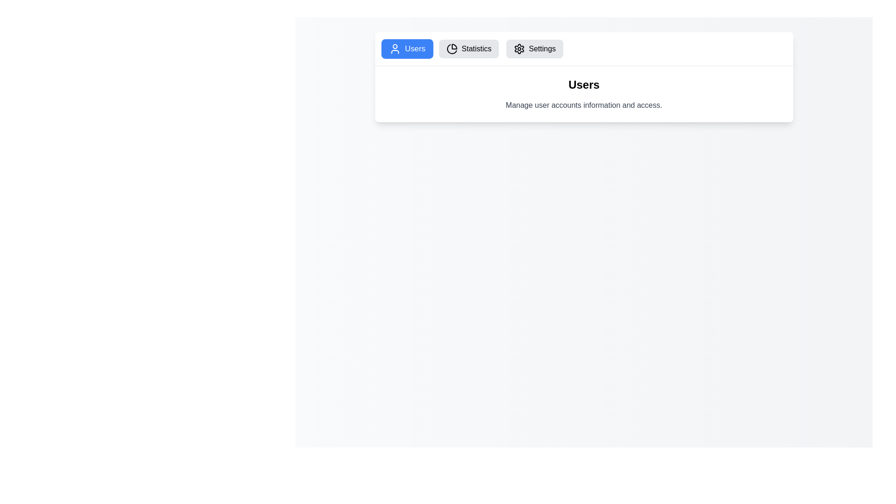  What do you see at coordinates (476, 49) in the screenshot?
I see `the text label within the interactive button that provides navigable options to the 'Statistics' section` at bounding box center [476, 49].